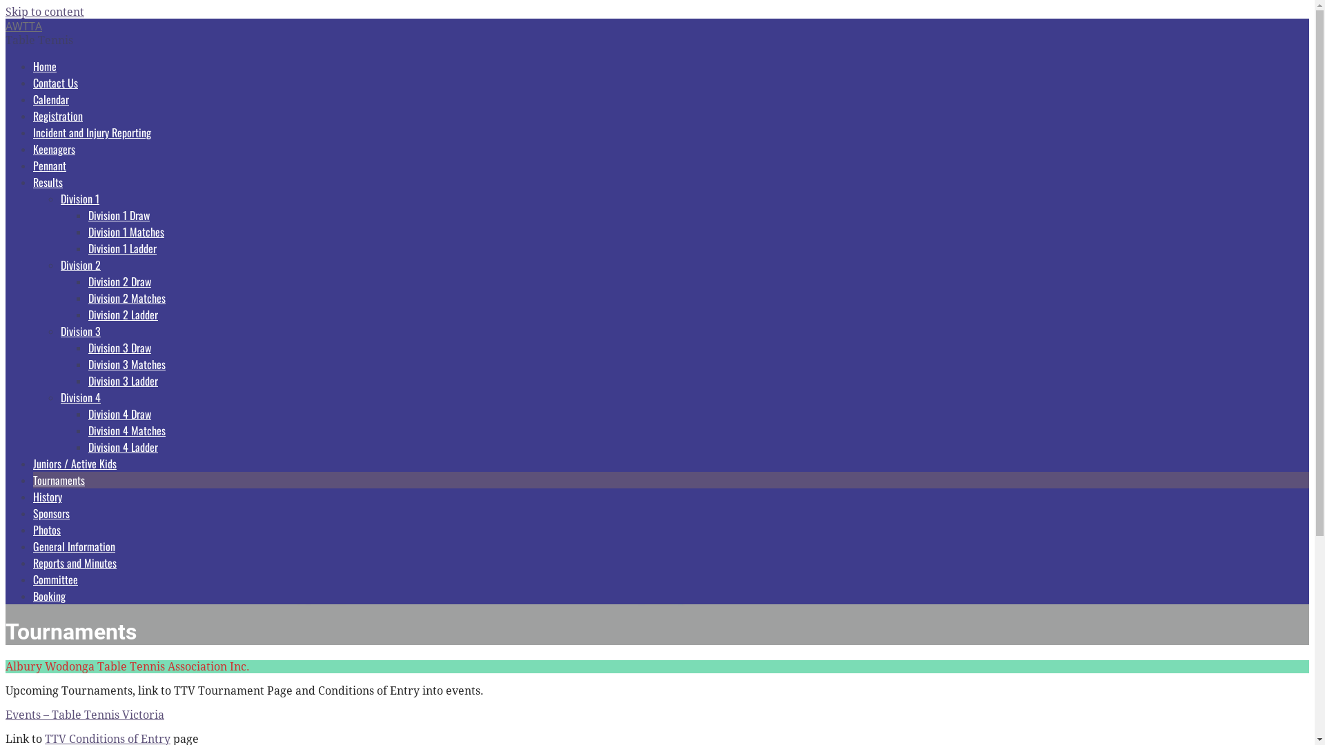 This screenshot has width=1325, height=745. I want to click on 'Skip to content', so click(45, 12).